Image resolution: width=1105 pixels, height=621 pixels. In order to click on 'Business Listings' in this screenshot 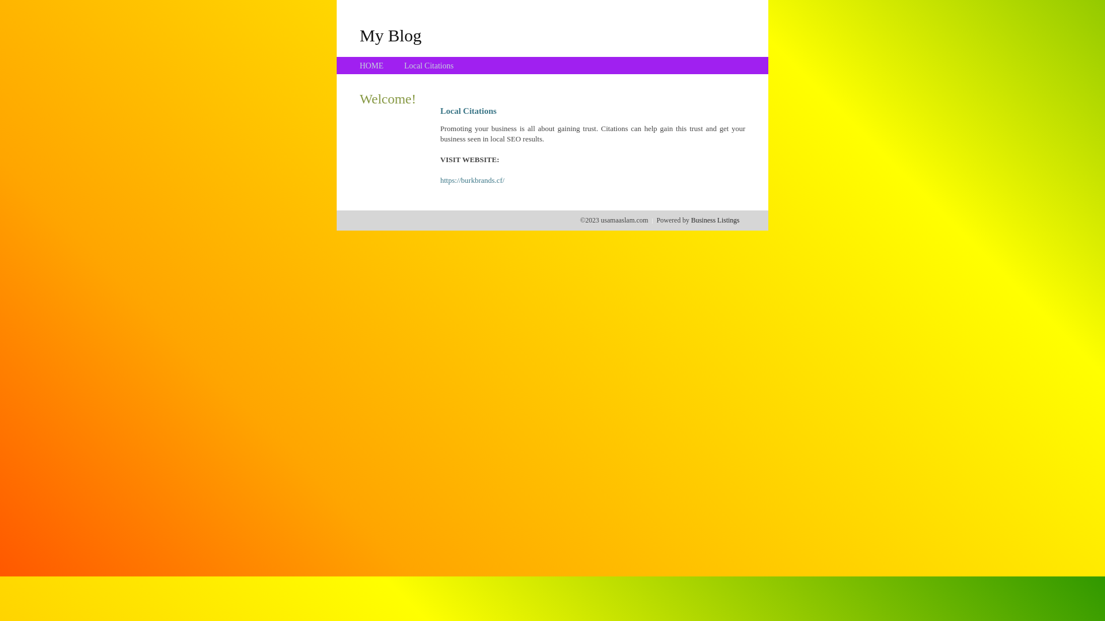, I will do `click(715, 220)`.